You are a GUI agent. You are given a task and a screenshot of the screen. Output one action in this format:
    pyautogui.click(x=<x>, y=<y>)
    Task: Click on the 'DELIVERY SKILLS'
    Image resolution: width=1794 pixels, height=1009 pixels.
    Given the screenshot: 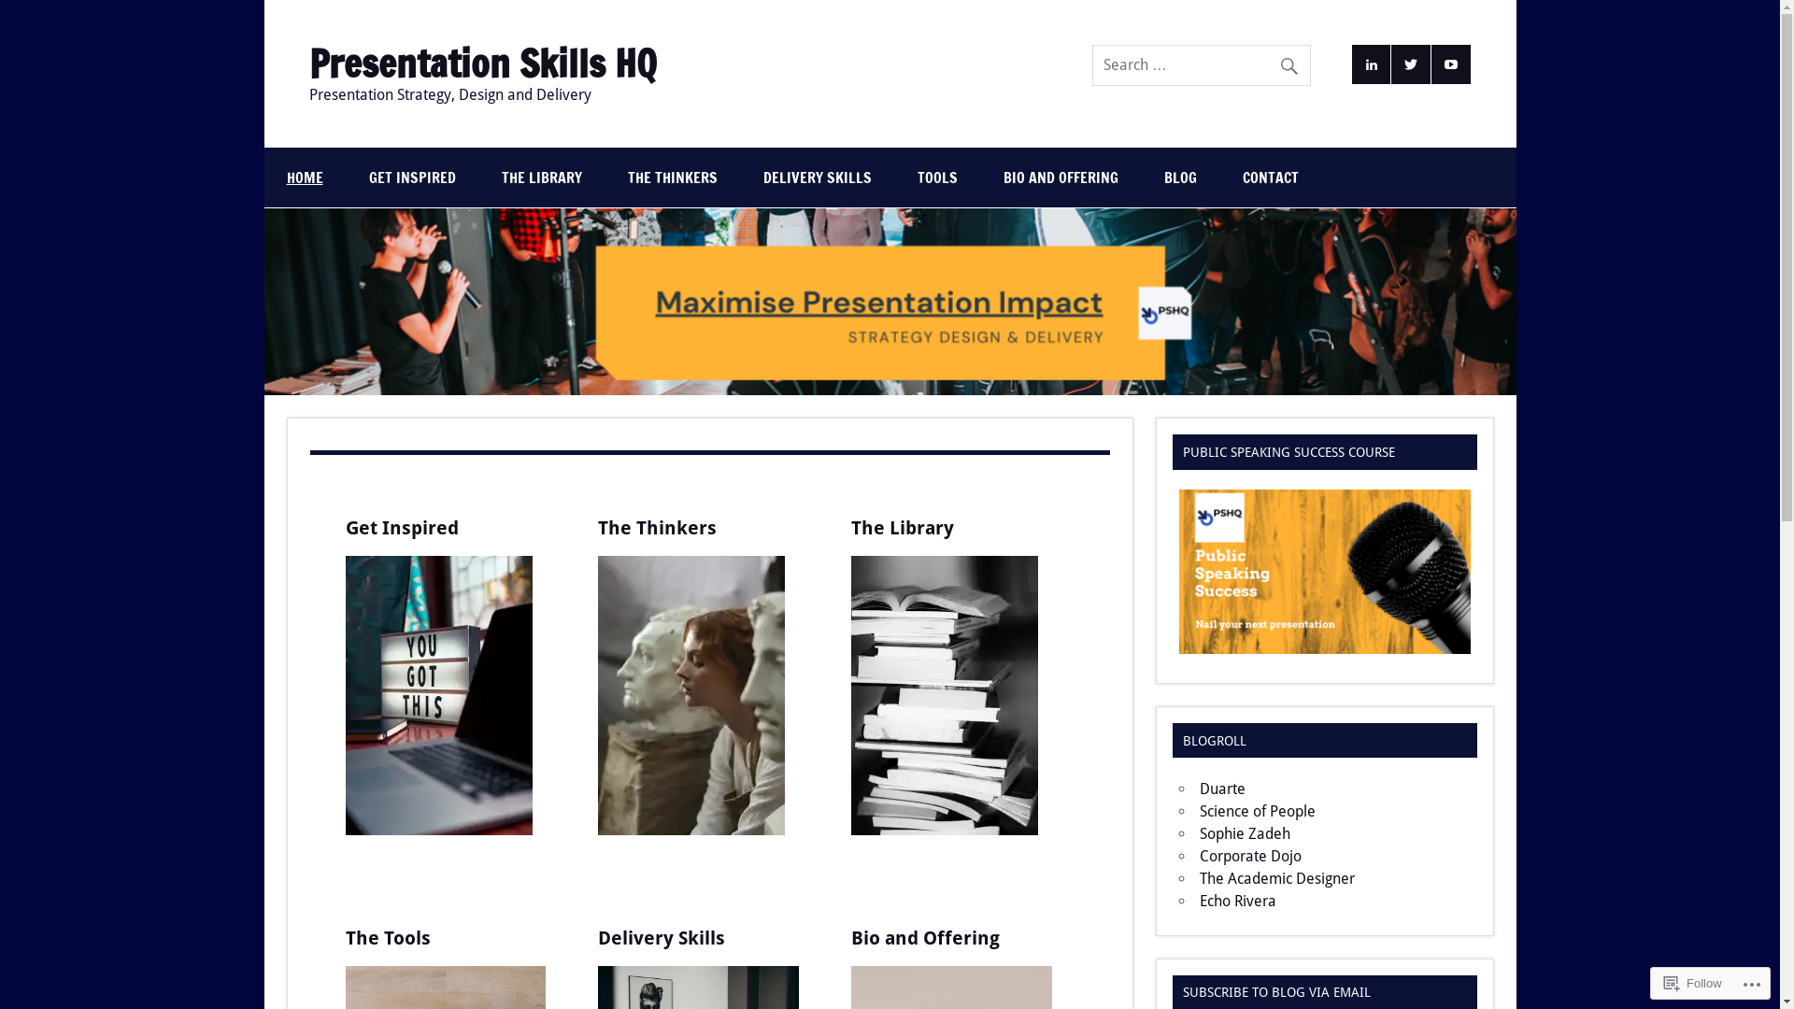 What is the action you would take?
    pyautogui.click(x=816, y=177)
    